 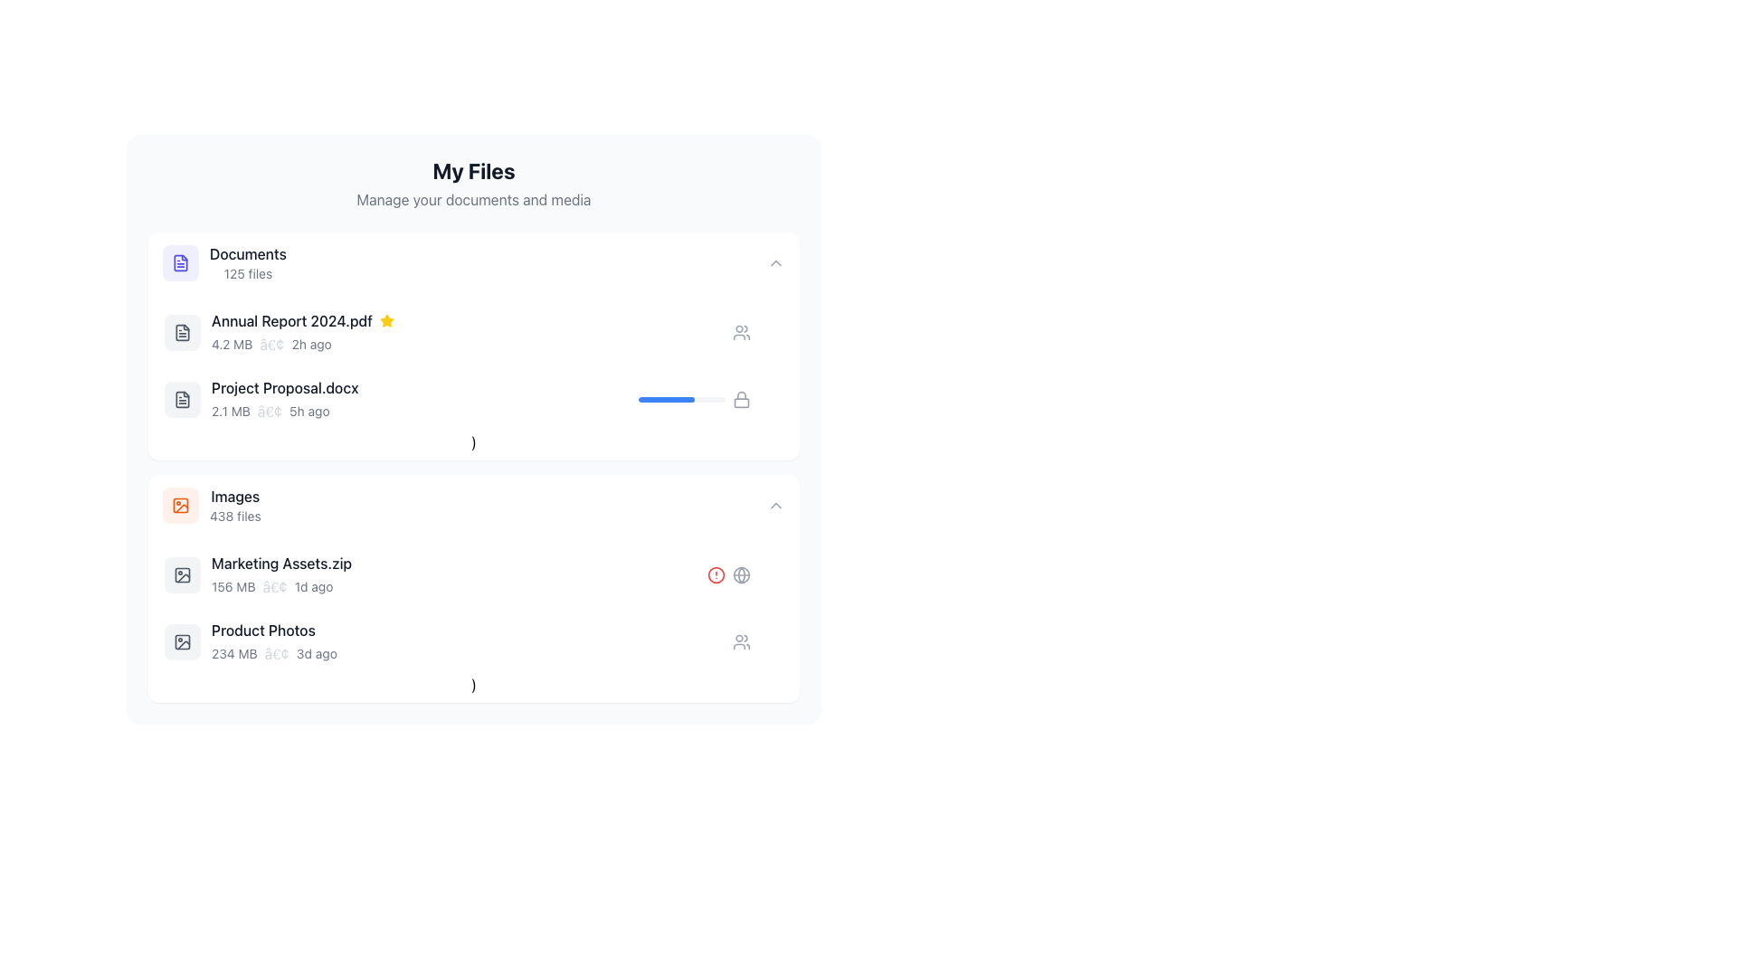 I want to click on the circular icon in the SVG graphic that serves as the alert indicator, located in the 'Images' row of the file list, so click(x=716, y=575).